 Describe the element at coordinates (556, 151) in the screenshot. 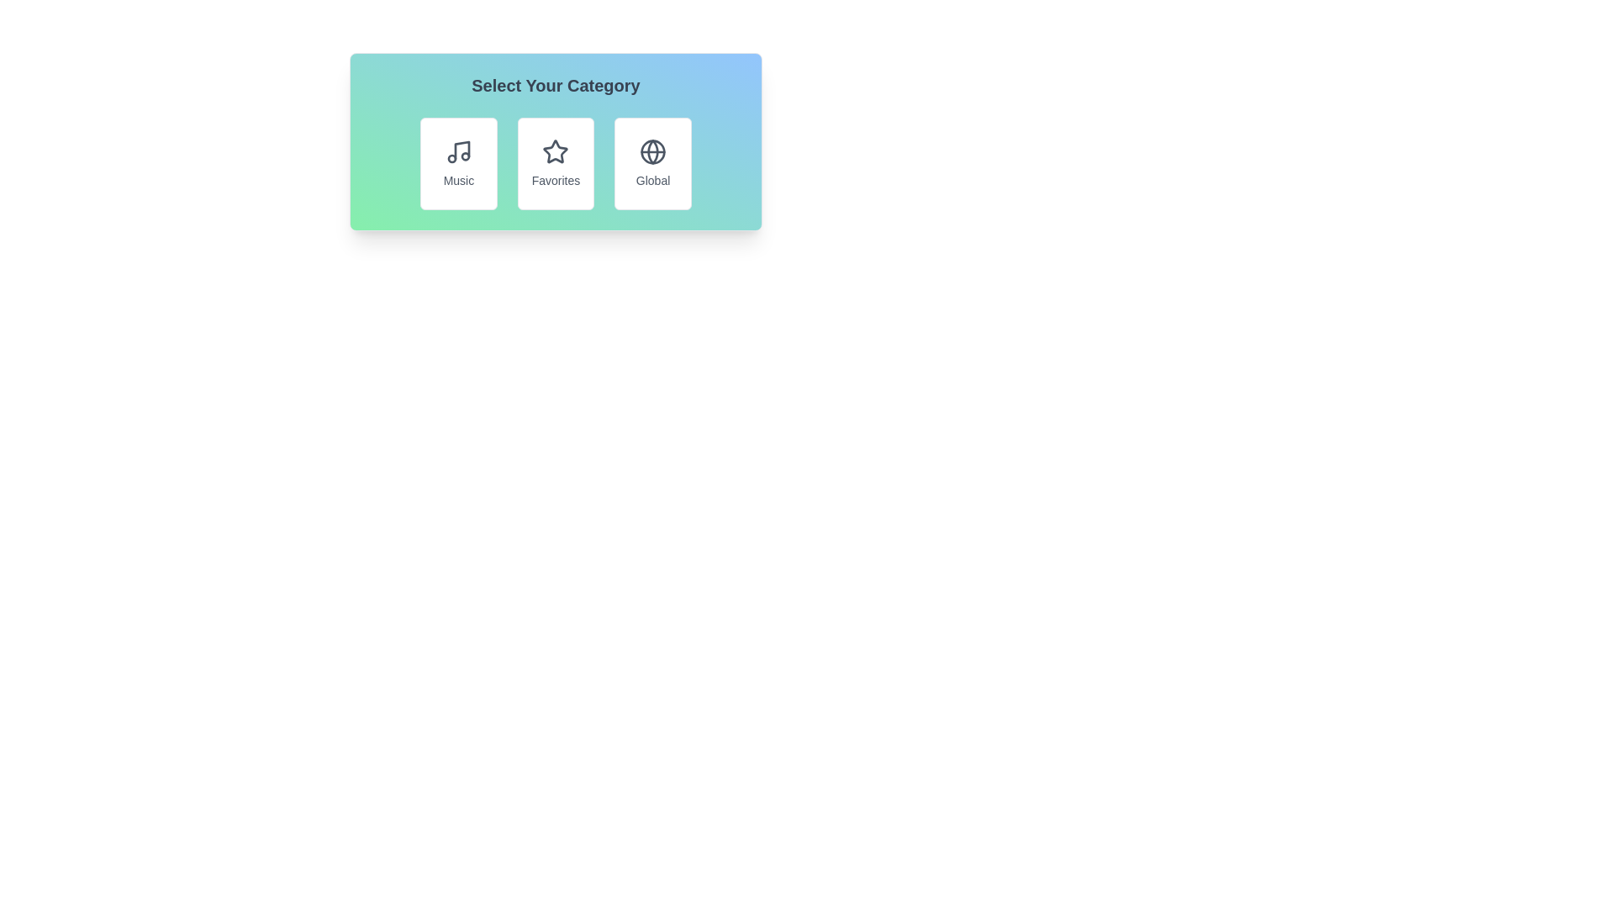

I see `the central star icon within the 'Favorites' button` at that location.